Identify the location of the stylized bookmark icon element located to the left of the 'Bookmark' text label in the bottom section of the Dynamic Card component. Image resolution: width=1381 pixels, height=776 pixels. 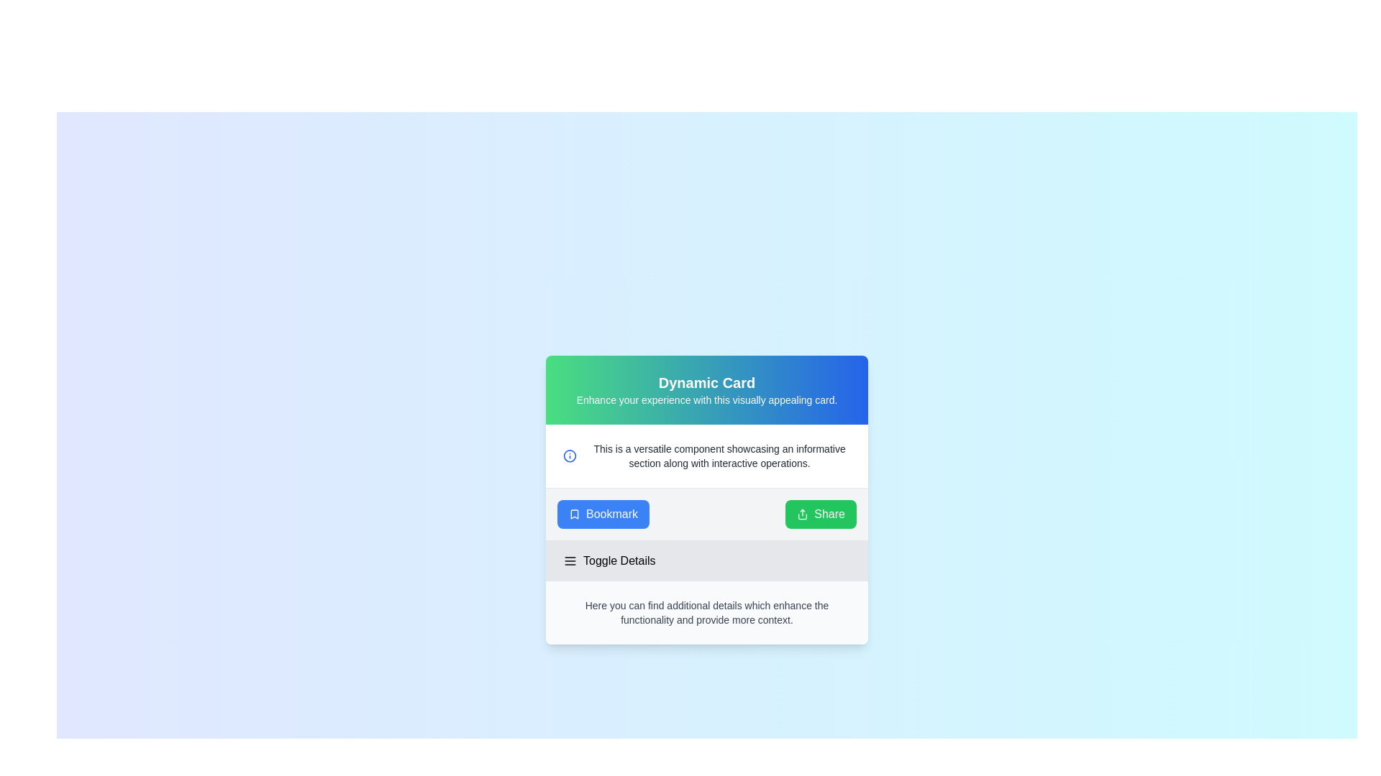
(573, 514).